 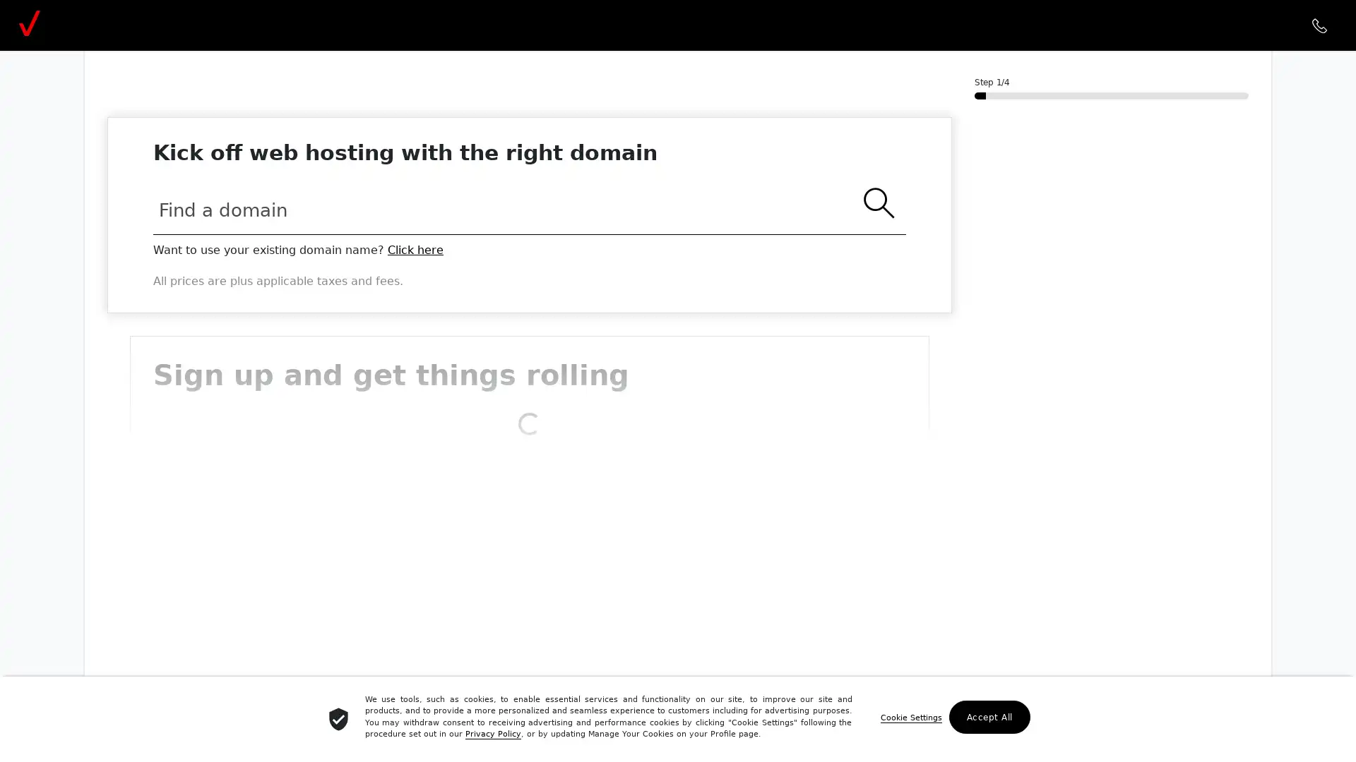 I want to click on search, so click(x=878, y=202).